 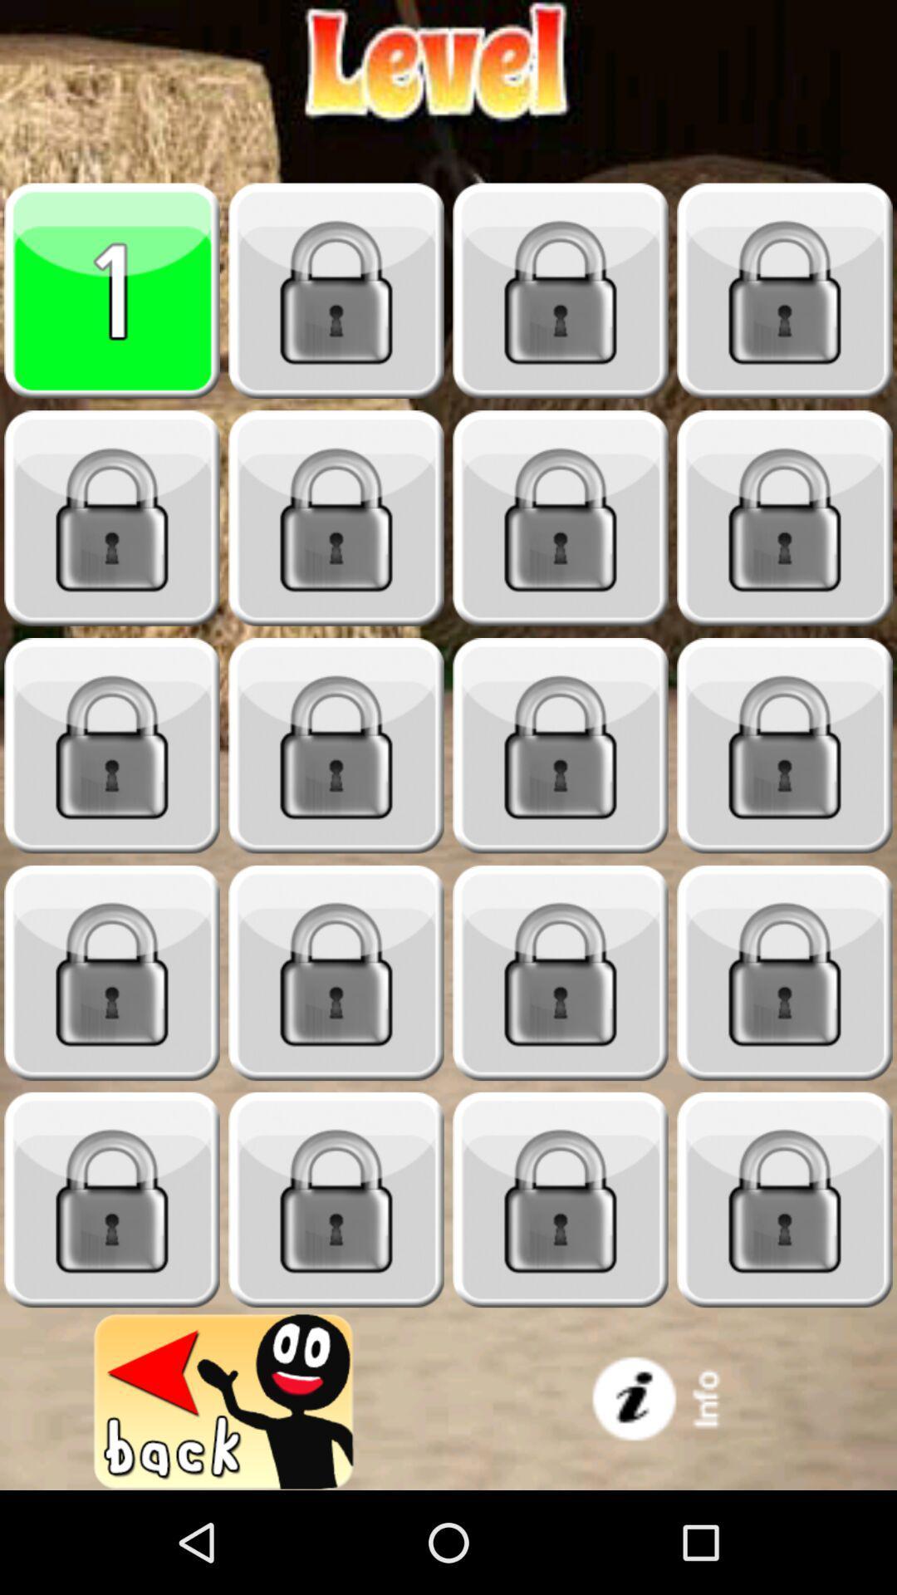 What do you see at coordinates (112, 291) in the screenshot?
I see `level one of a game` at bounding box center [112, 291].